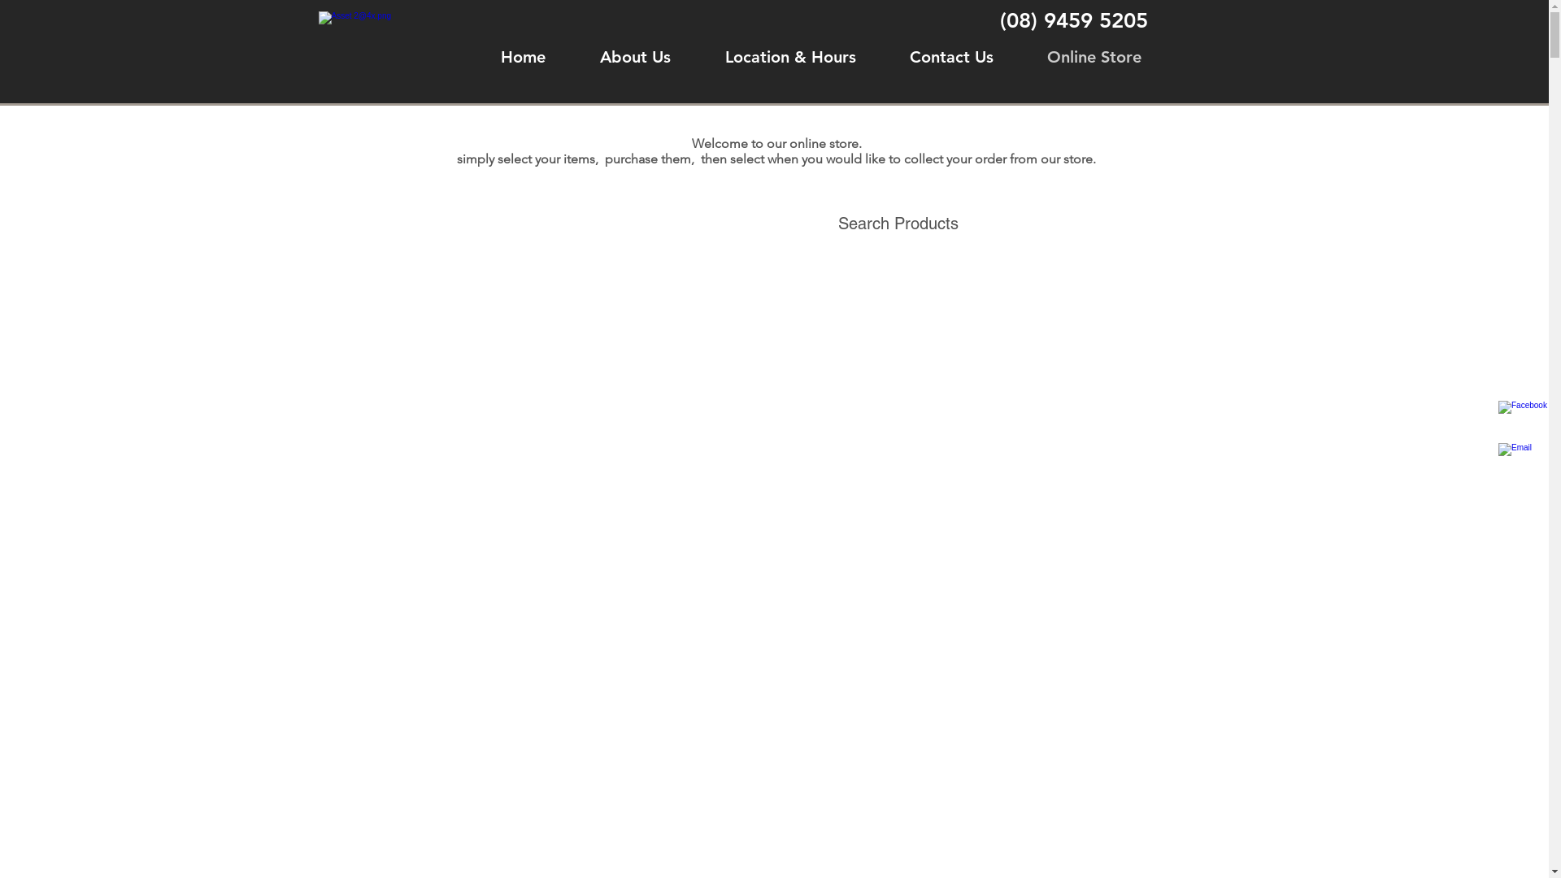 This screenshot has width=1561, height=878. I want to click on 'About Us', so click(634, 56).